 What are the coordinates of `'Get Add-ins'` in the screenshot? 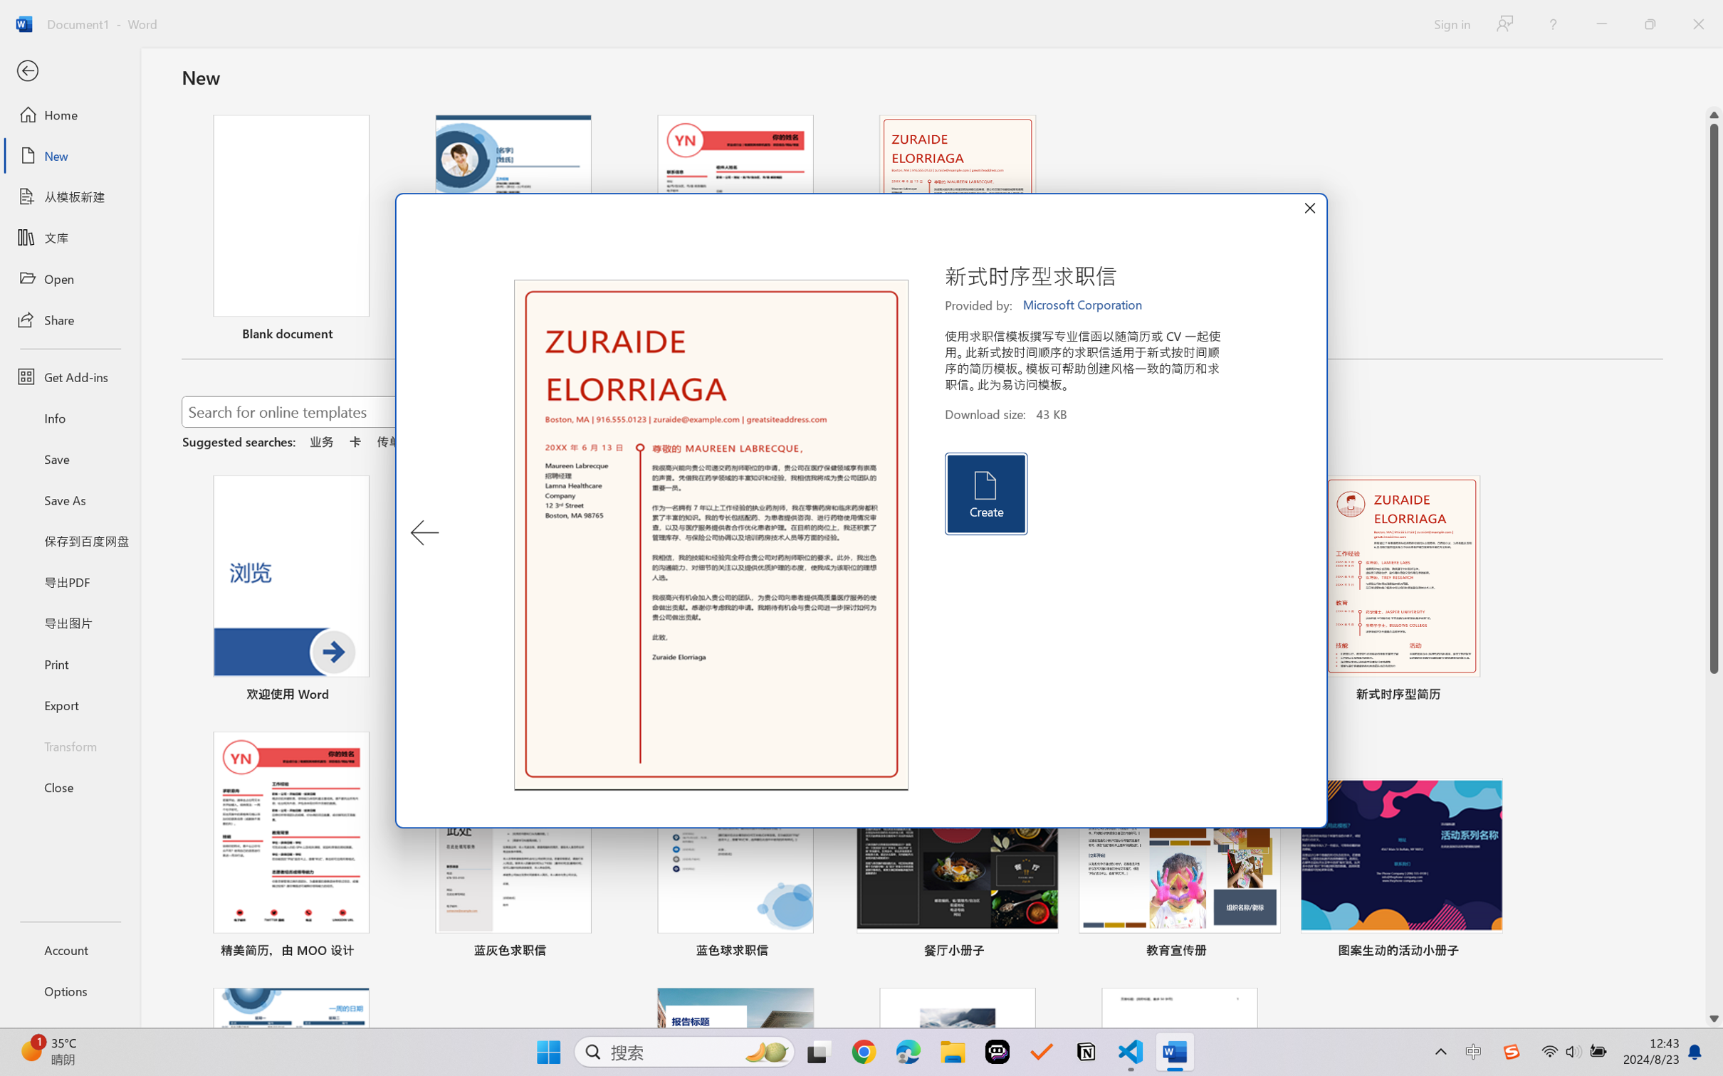 It's located at (69, 376).